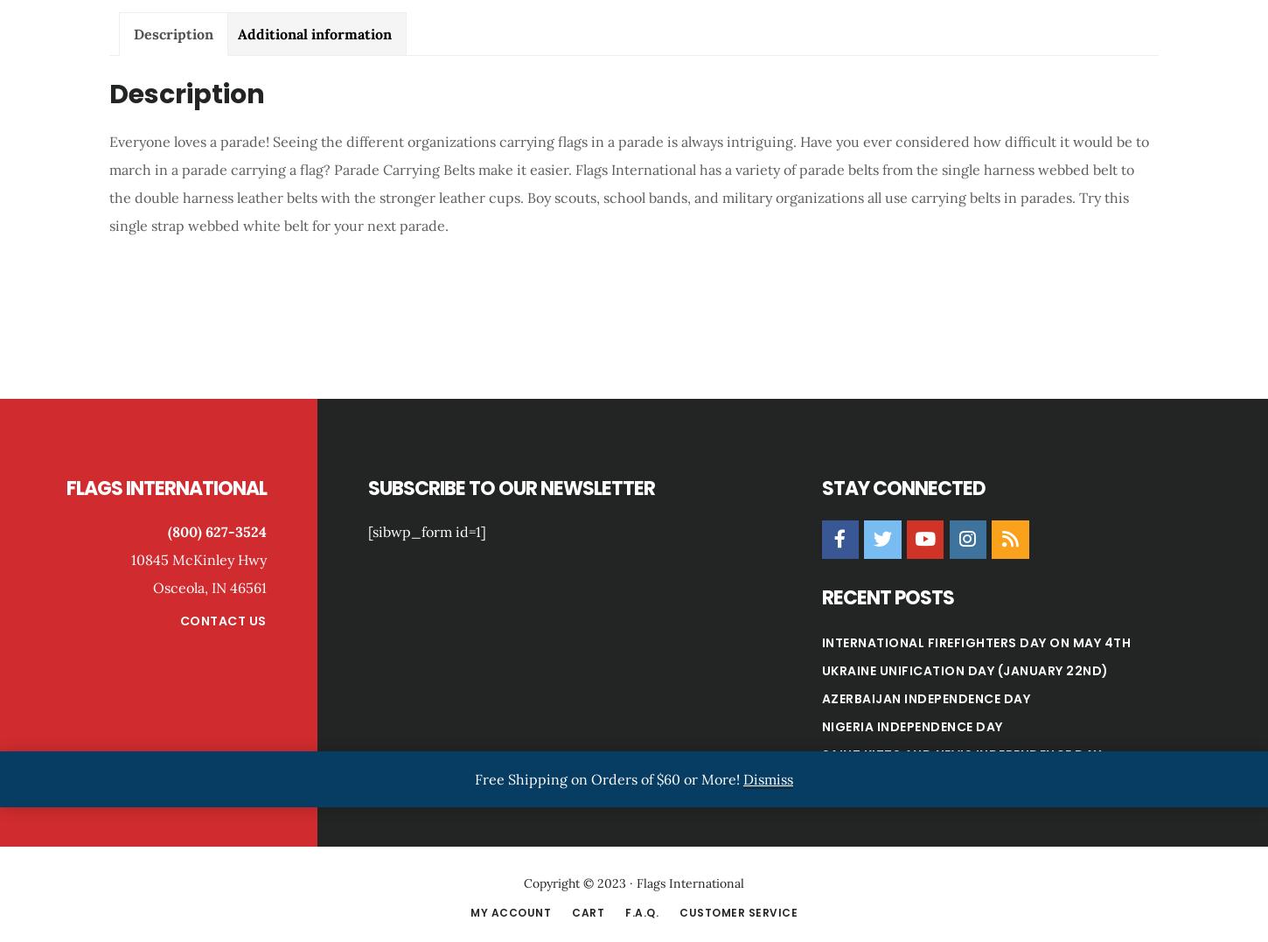 This screenshot has width=1268, height=942. I want to click on '[sibwp_form id=1]', so click(366, 530).